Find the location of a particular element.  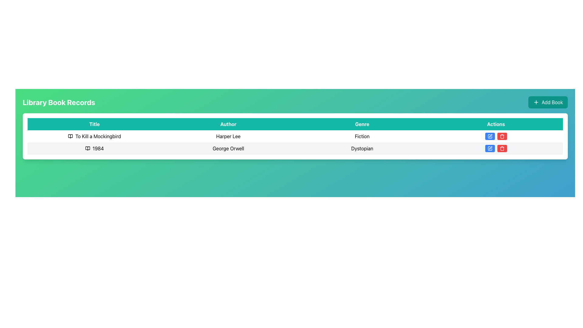

the 'Author' header text label in the data table, which is the second element in the header row, positioned between 'Title' and 'Genre' is located at coordinates (228, 124).